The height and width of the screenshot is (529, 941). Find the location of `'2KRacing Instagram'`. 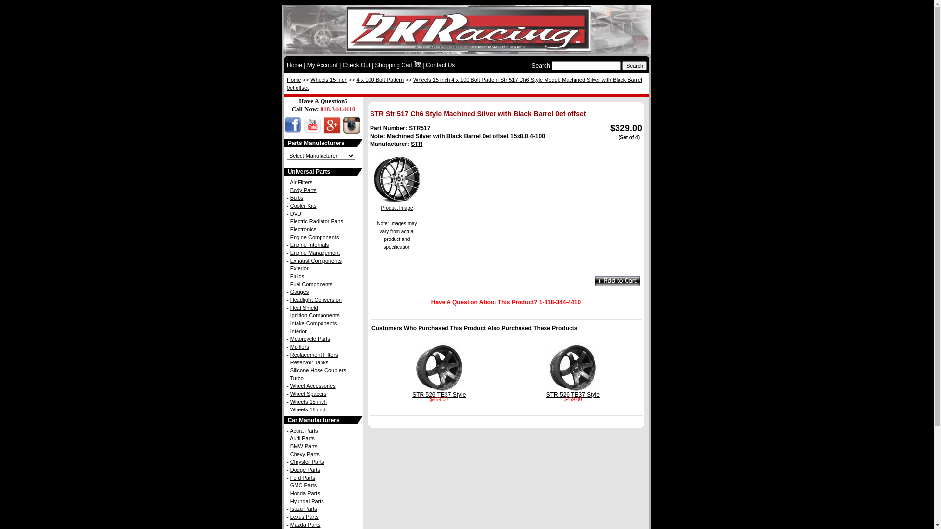

'2KRacing Instagram' is located at coordinates (350, 130).